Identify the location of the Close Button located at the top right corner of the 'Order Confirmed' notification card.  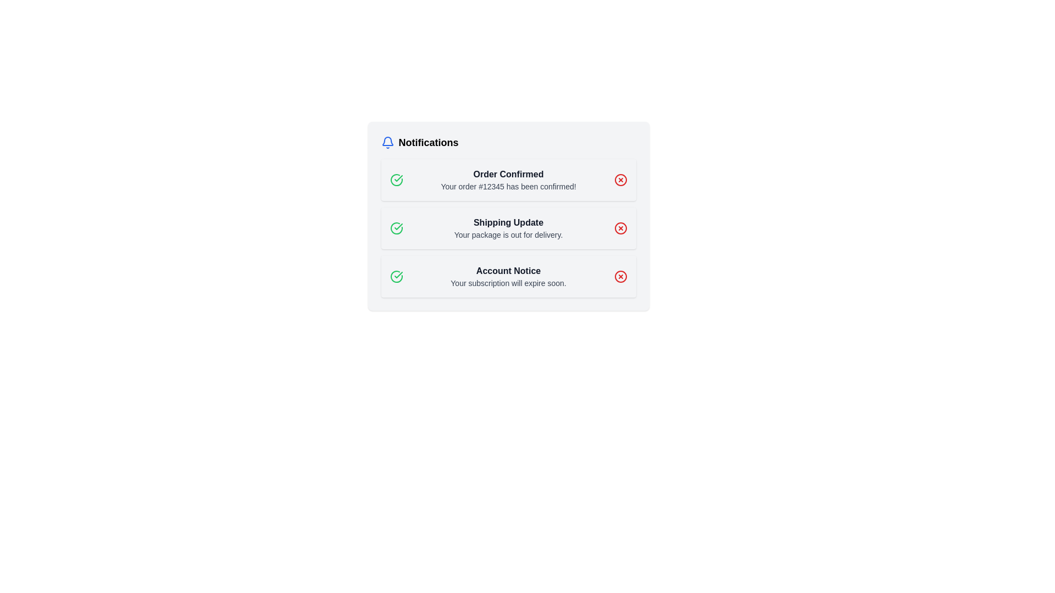
(620, 179).